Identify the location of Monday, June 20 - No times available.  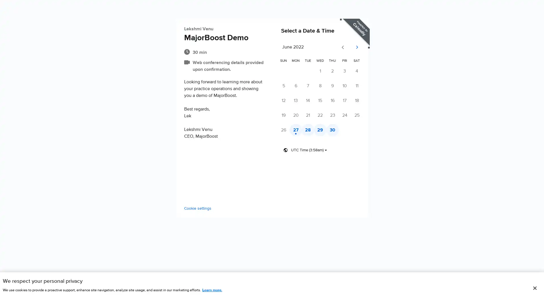
(299, 115).